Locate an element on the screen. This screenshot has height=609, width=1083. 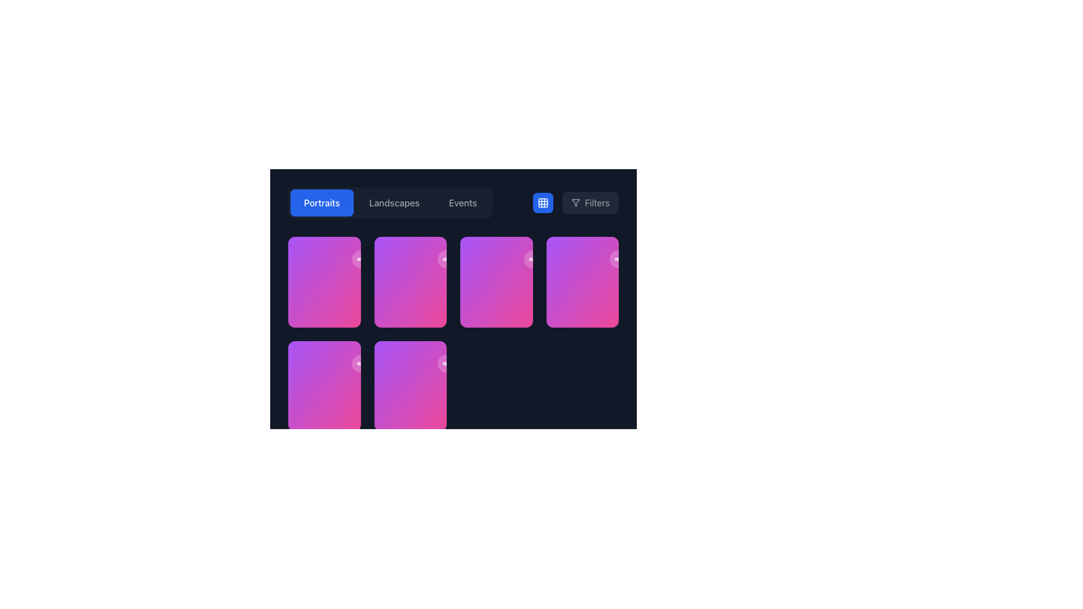
the filled square with rounded corners that is part of the grid-like icon, located to the right of the category buttons 'Portraits' and 'Landscapes', near the filter button is located at coordinates (543, 202).